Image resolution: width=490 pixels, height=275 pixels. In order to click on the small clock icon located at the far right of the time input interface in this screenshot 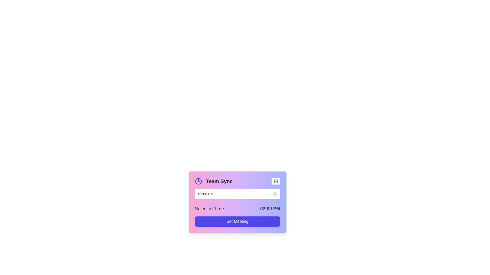, I will do `click(275, 194)`.